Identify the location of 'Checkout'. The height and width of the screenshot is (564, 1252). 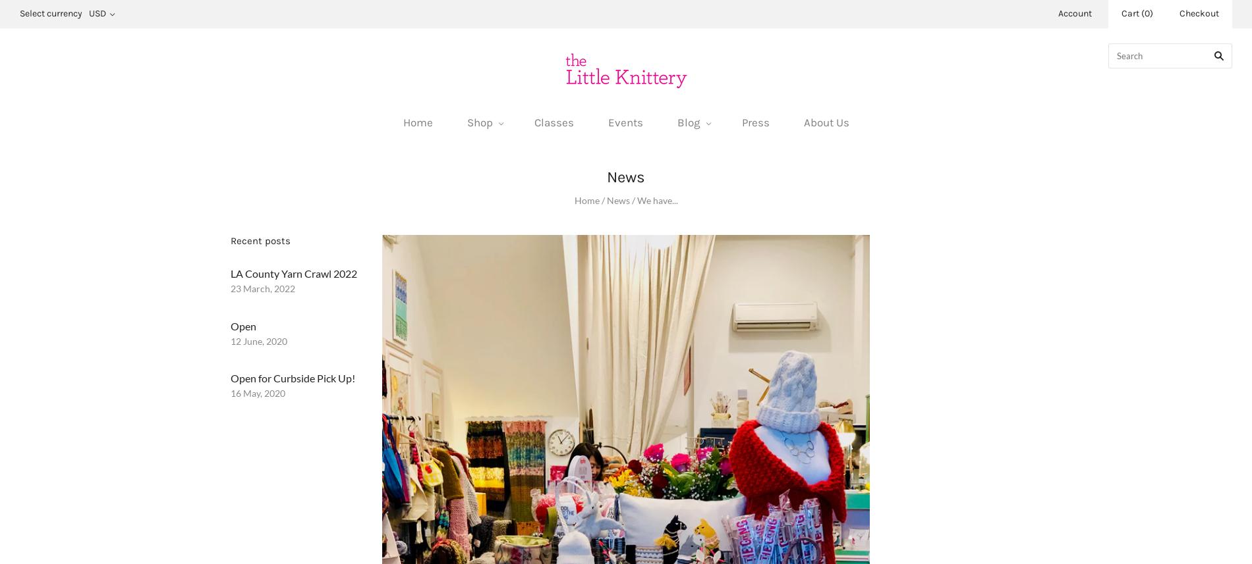
(1199, 13).